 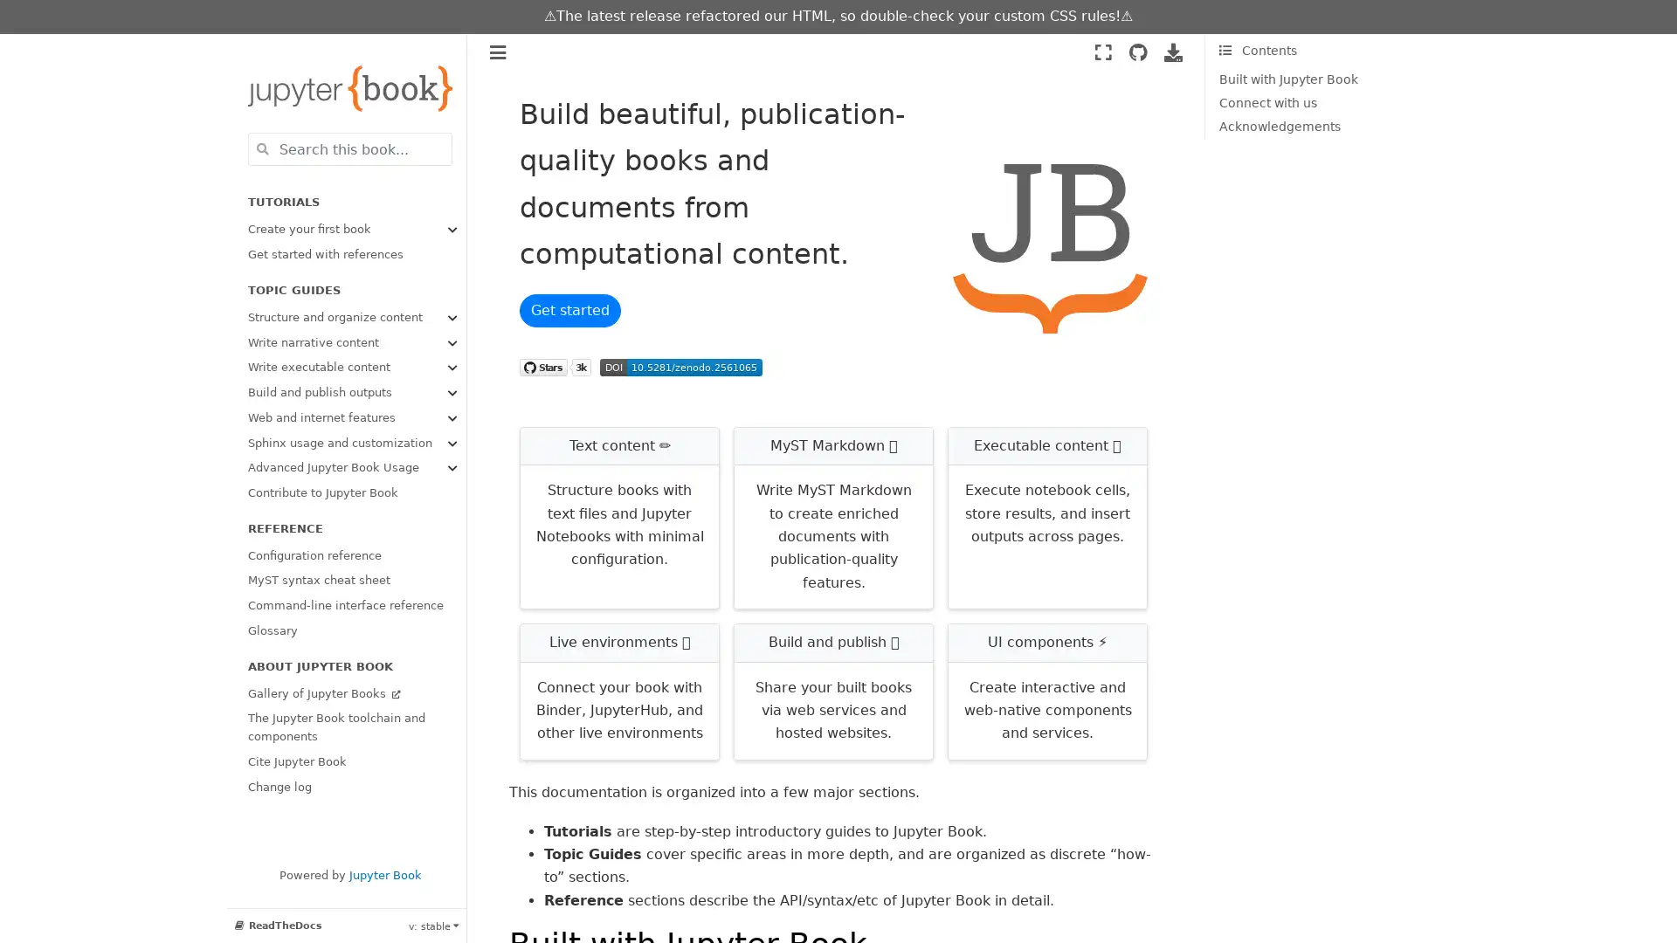 What do you see at coordinates (1173, 52) in the screenshot?
I see `Download this page` at bounding box center [1173, 52].